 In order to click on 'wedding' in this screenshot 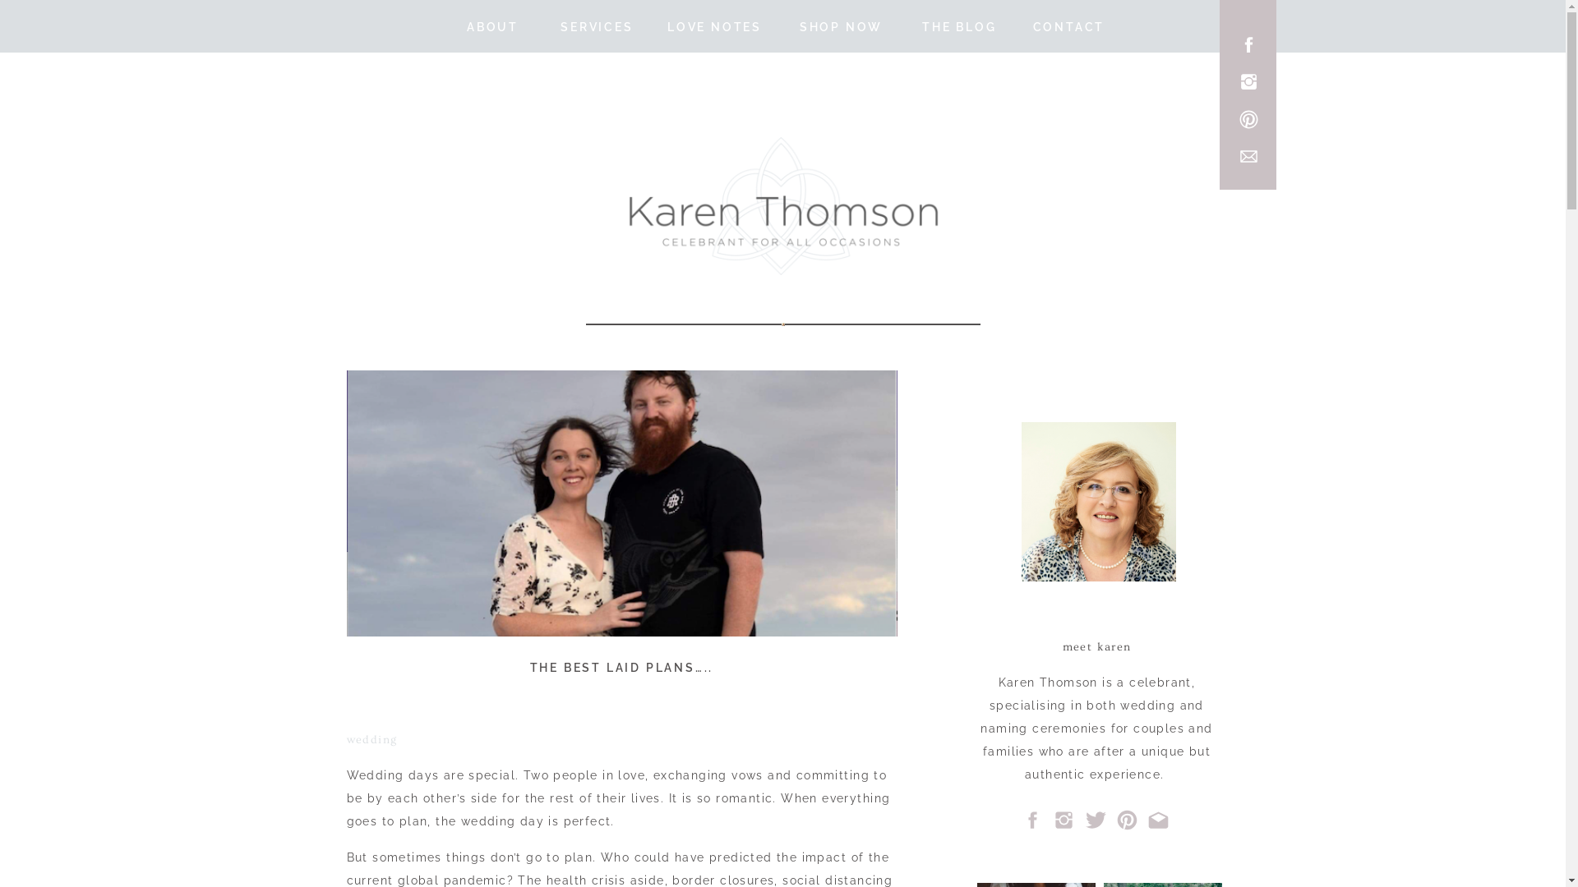, I will do `click(371, 740)`.